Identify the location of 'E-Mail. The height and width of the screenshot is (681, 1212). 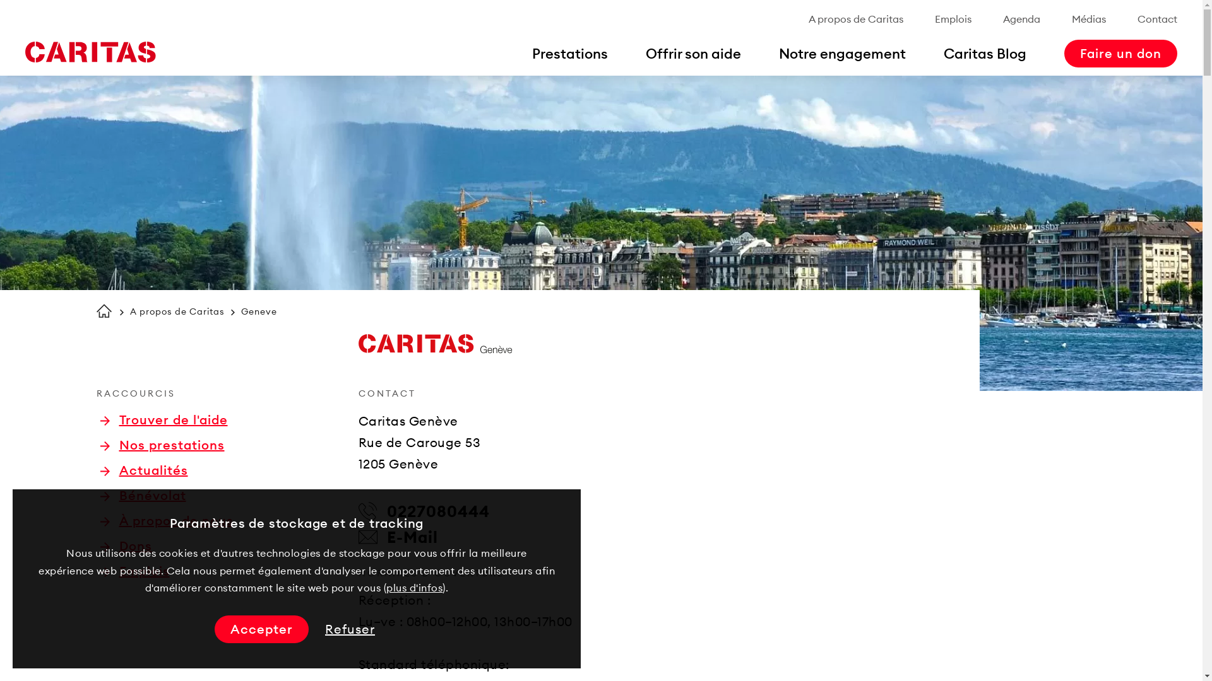
(397, 537).